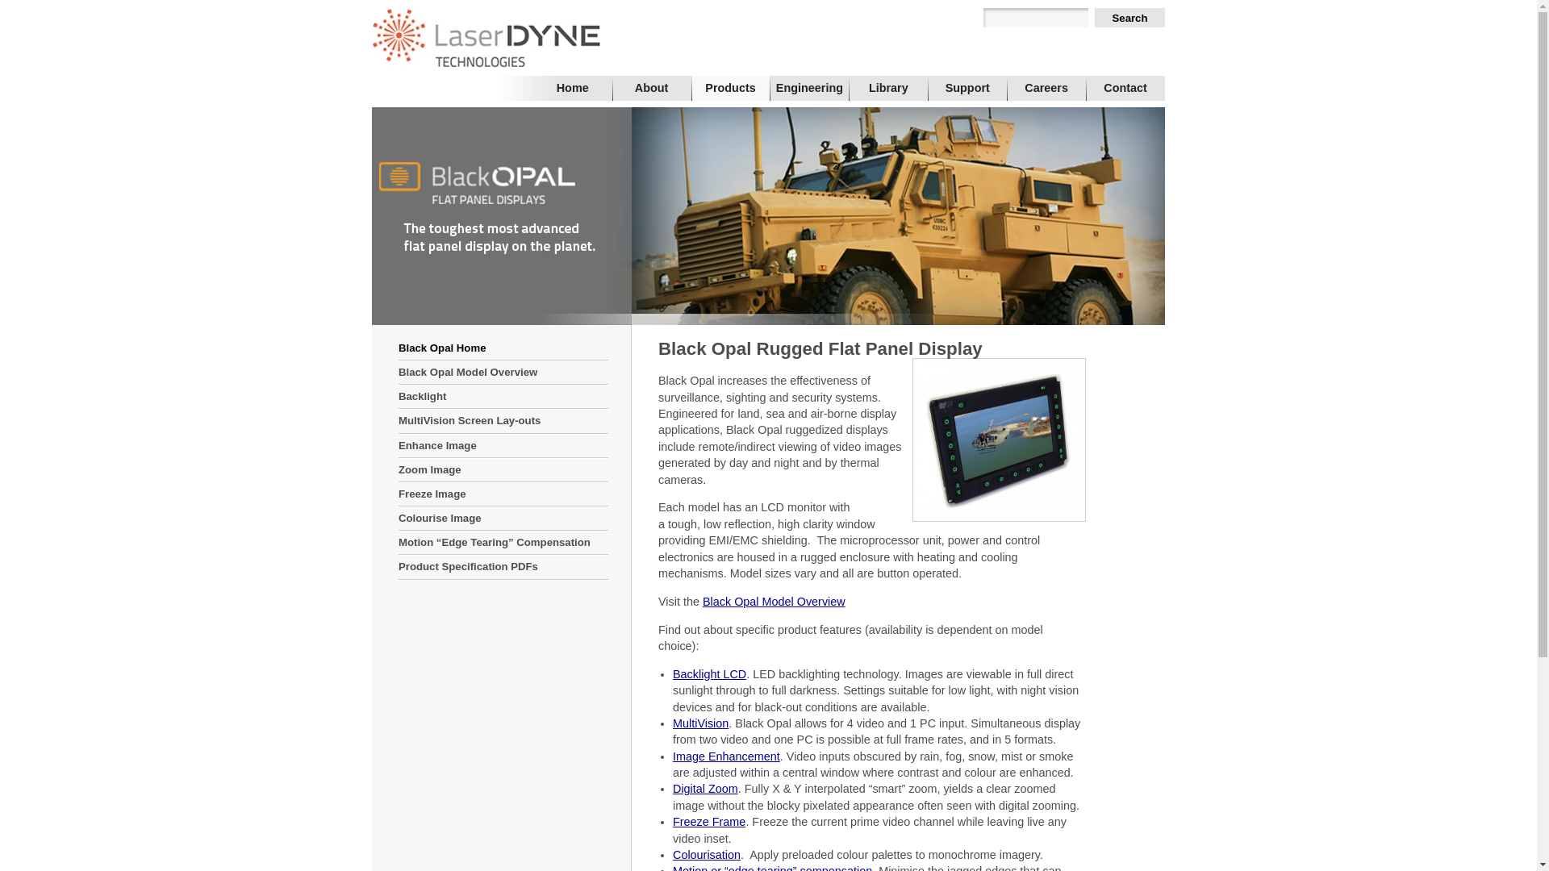 Image resolution: width=1549 pixels, height=871 pixels. What do you see at coordinates (503, 566) in the screenshot?
I see `'Product Specification PDFs'` at bounding box center [503, 566].